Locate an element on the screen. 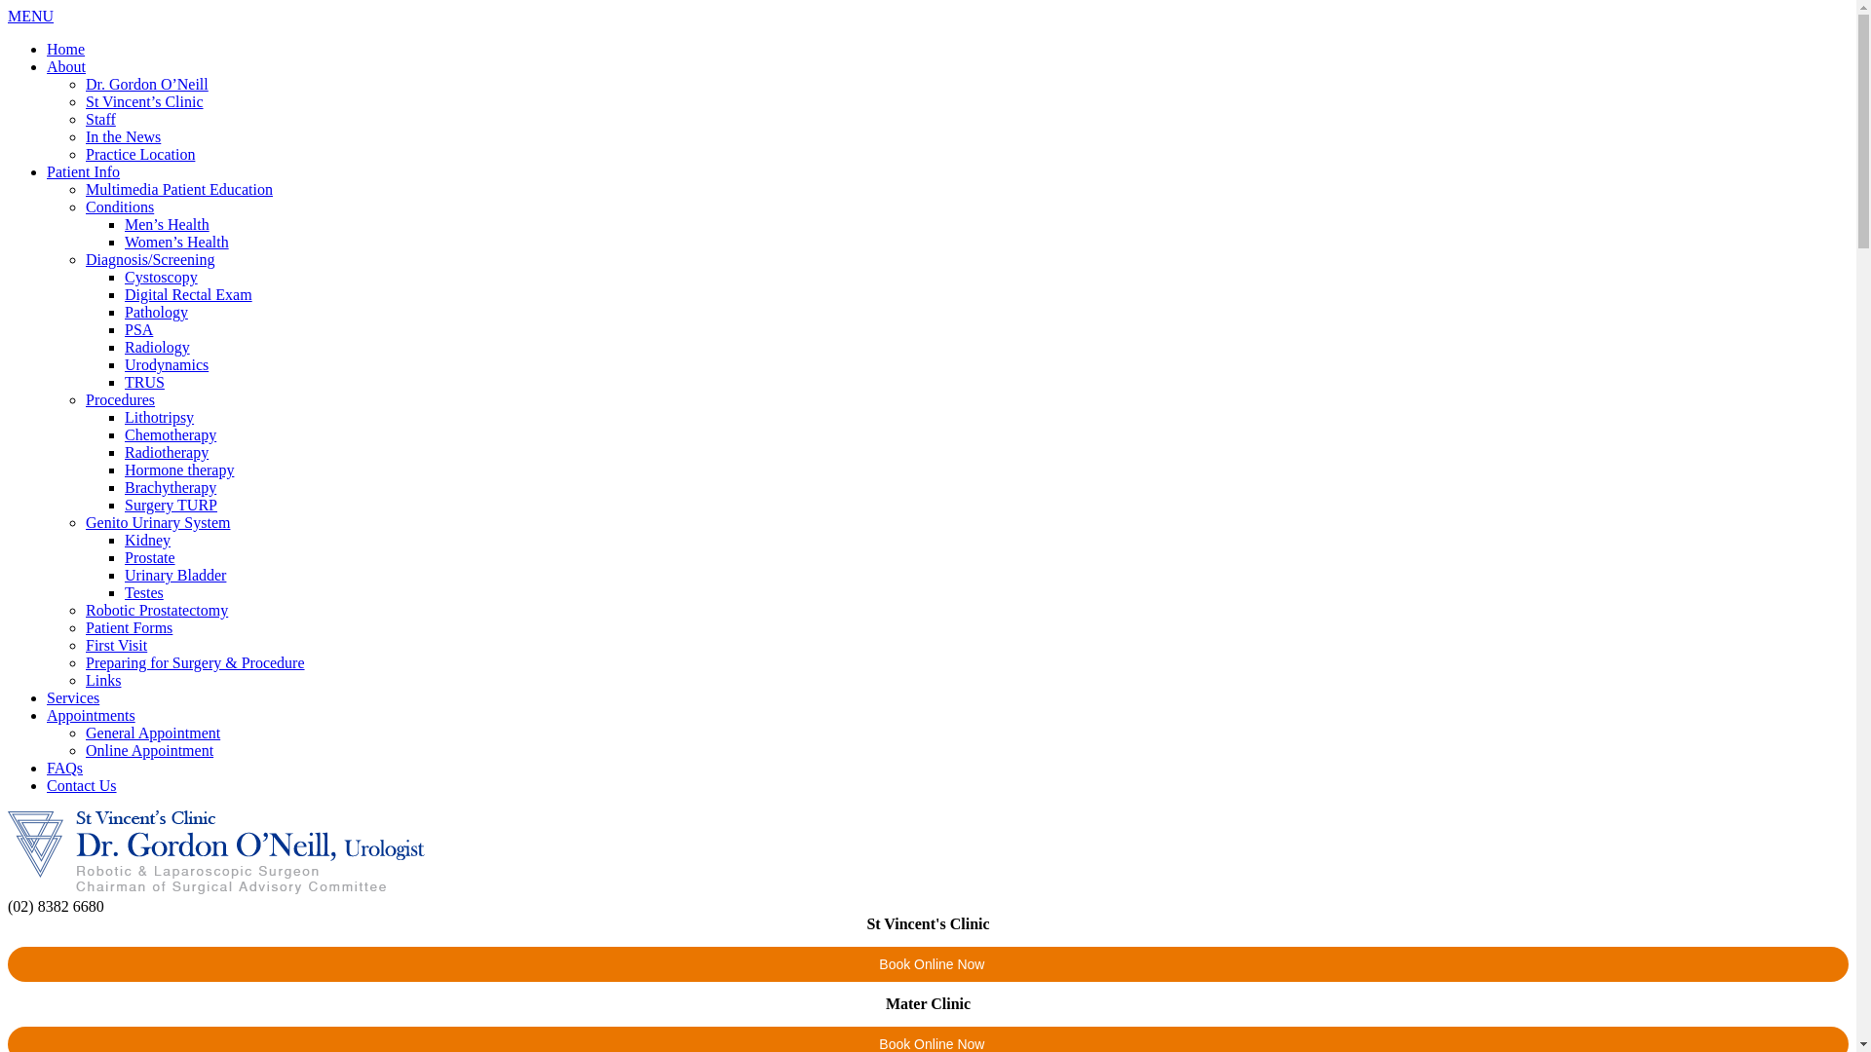  'About' is located at coordinates (47, 65).